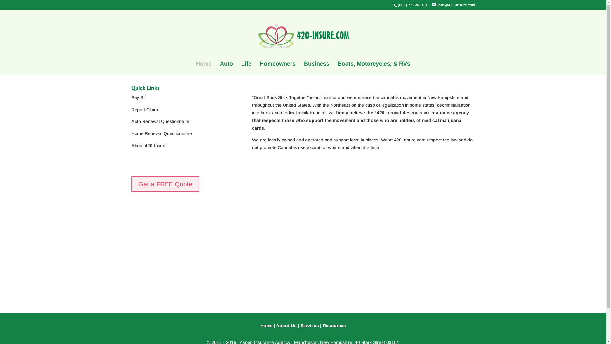  I want to click on 'Resources', so click(322, 326).